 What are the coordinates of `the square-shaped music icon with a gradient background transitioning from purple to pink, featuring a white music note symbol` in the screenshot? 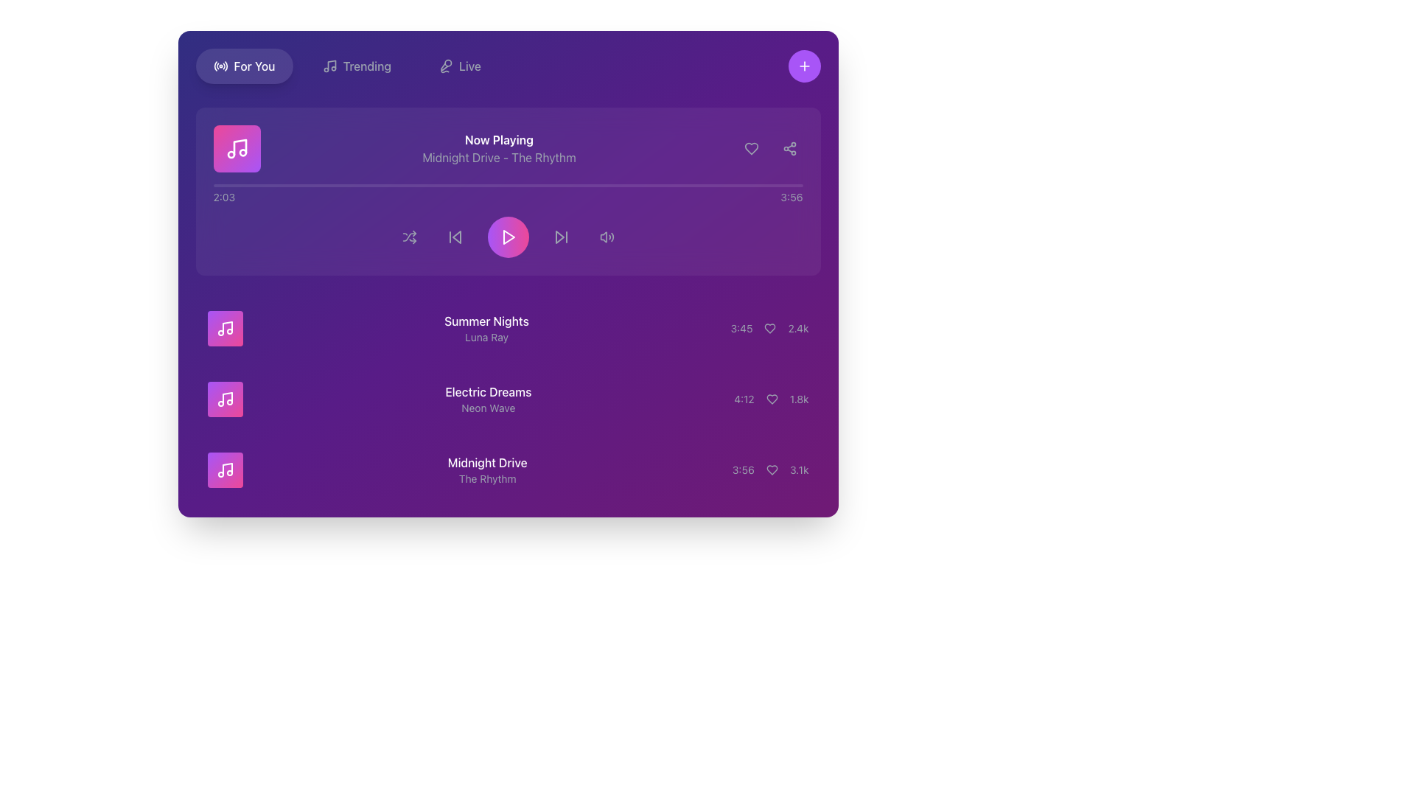 It's located at (224, 328).